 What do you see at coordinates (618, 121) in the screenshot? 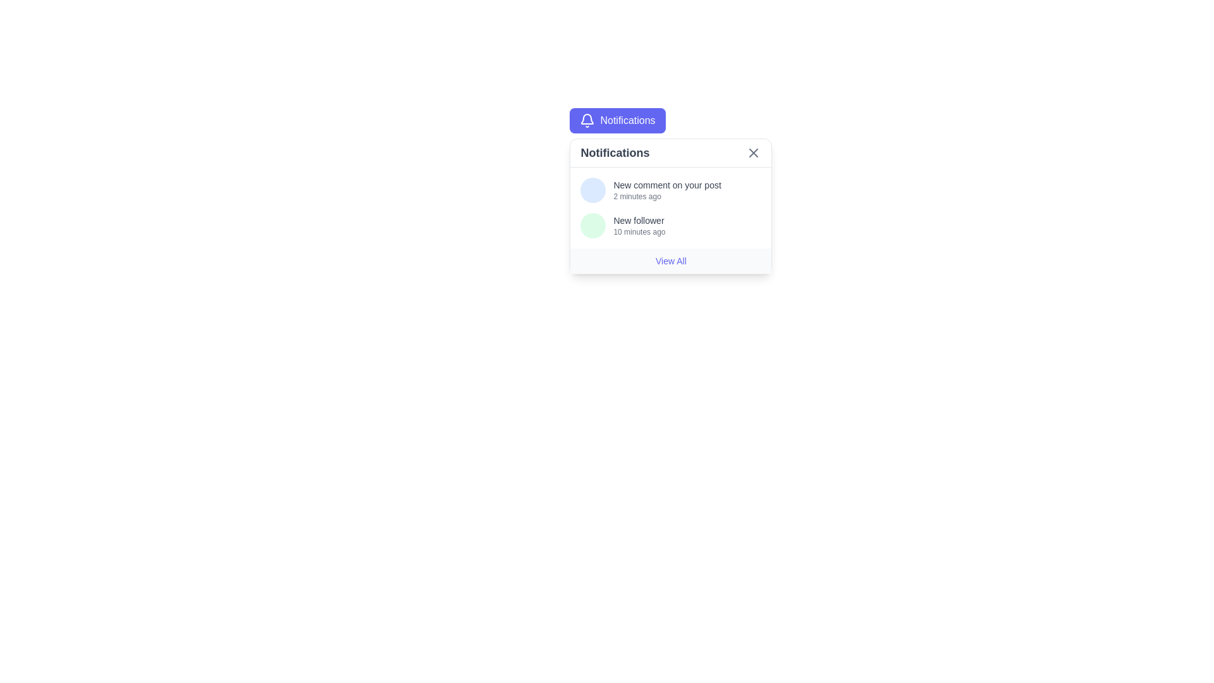
I see `the notifications button located in the upper portion of the interface` at bounding box center [618, 121].